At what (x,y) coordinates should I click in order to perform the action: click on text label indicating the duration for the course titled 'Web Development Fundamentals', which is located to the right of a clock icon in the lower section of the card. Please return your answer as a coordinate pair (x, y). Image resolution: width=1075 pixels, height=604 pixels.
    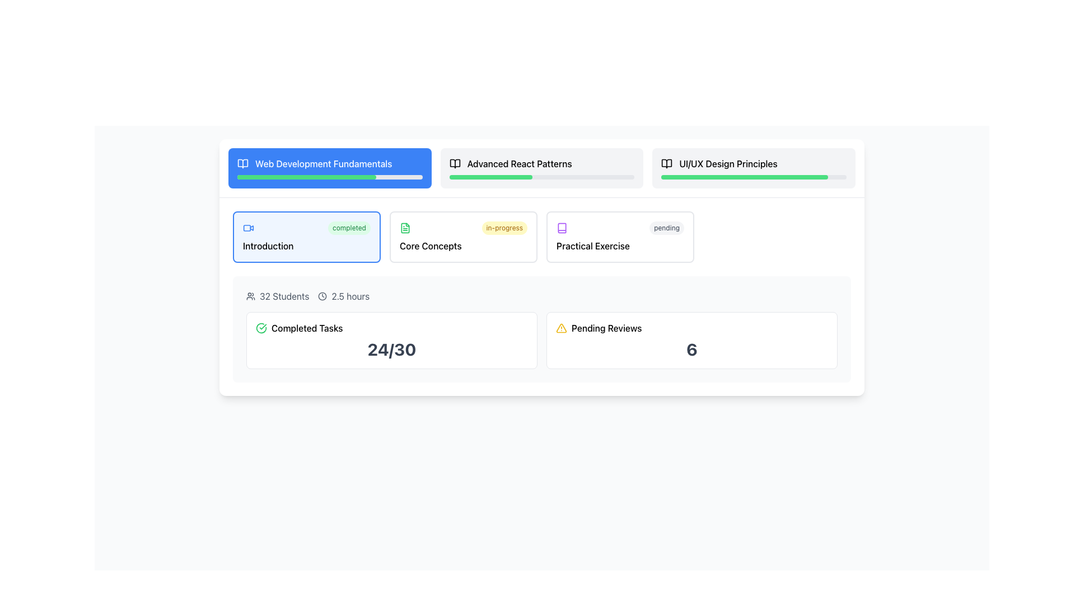
    Looking at the image, I should click on (350, 295).